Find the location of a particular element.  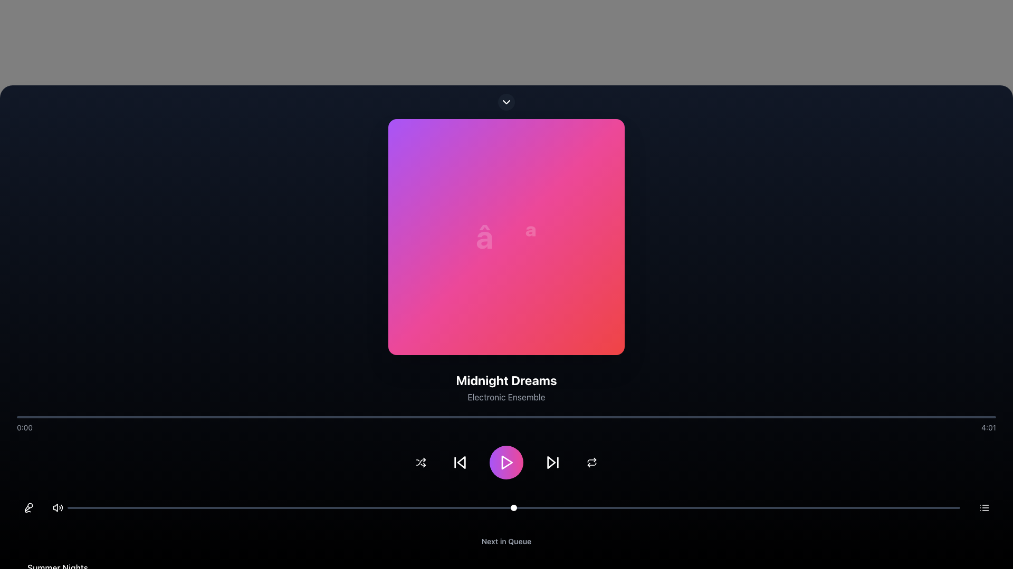

the left-pointing triangle icon button, which is the second element from the left in the playback controls, to skip to the previous track is located at coordinates (460, 462).